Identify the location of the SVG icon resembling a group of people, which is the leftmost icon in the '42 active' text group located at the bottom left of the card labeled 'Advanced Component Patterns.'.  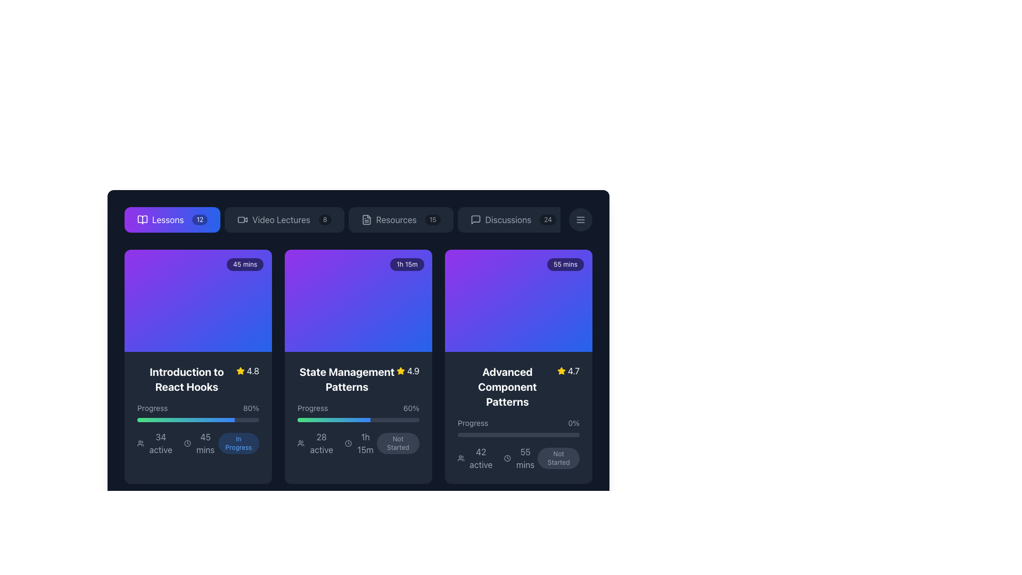
(461, 457).